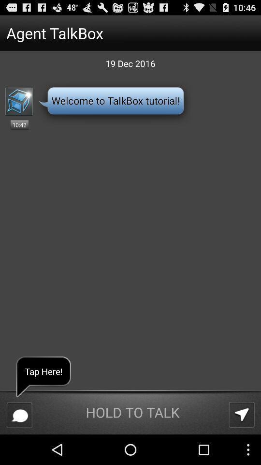  I want to click on the chat icon, so click(19, 444).